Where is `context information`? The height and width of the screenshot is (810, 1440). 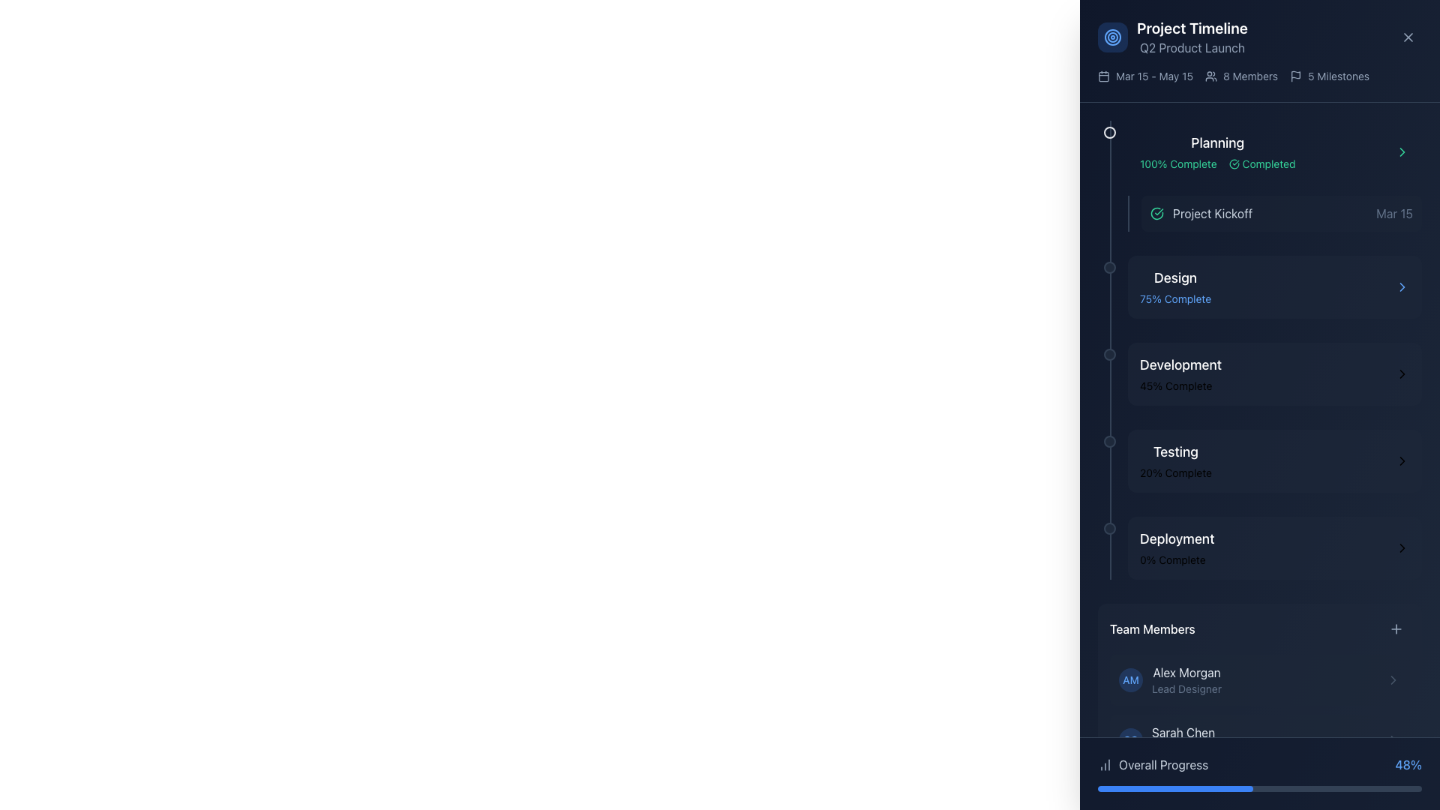 context information is located at coordinates (1183, 739).